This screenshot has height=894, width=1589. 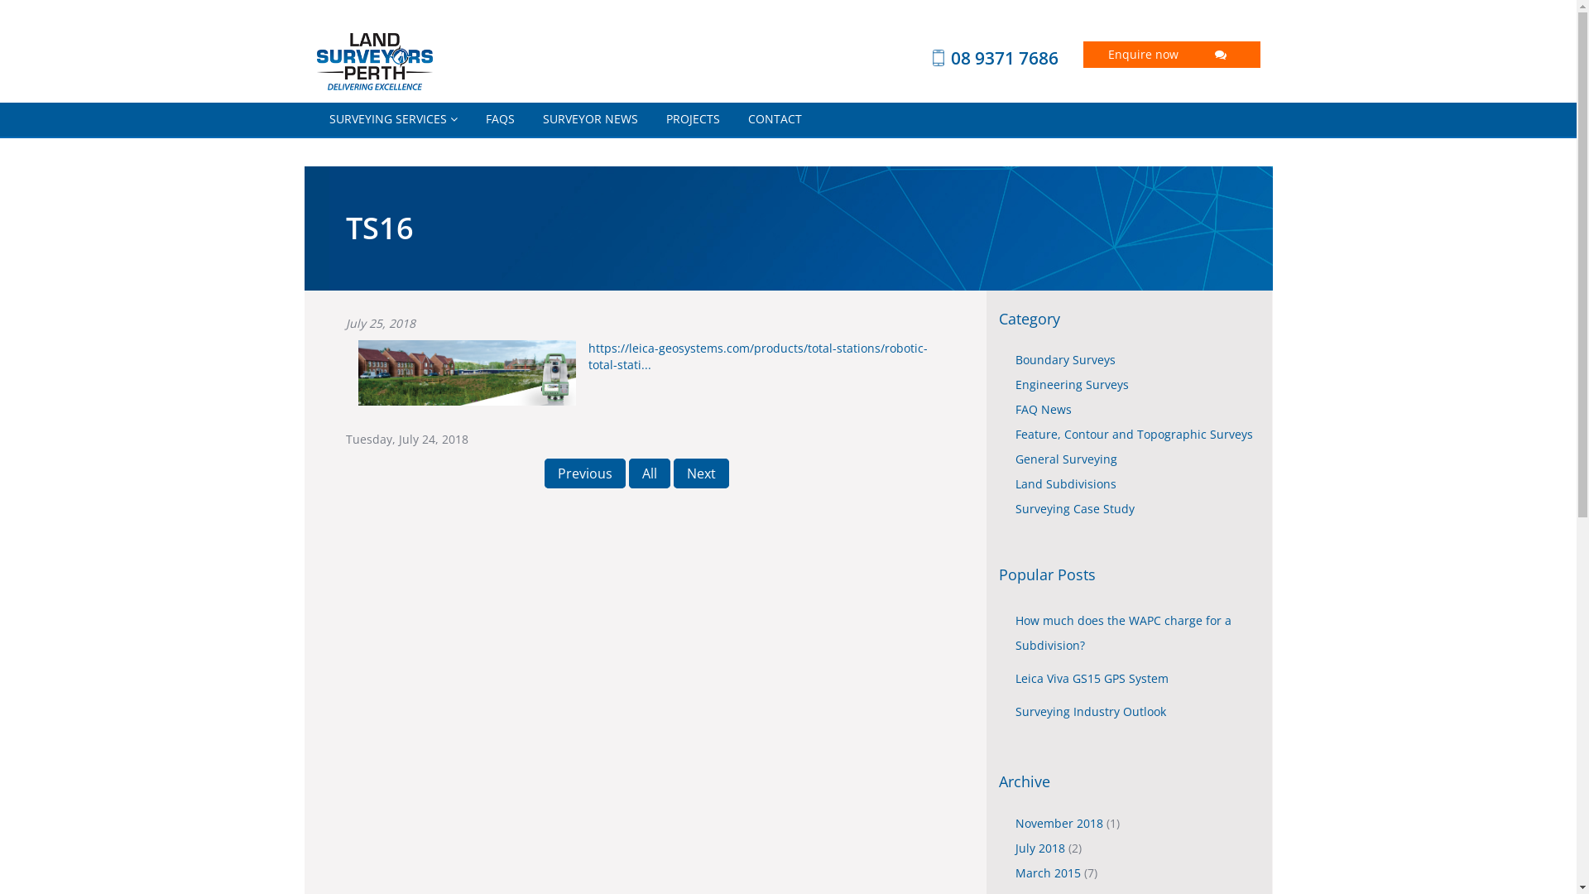 What do you see at coordinates (1015, 507) in the screenshot?
I see `'Surveying Case Study'` at bounding box center [1015, 507].